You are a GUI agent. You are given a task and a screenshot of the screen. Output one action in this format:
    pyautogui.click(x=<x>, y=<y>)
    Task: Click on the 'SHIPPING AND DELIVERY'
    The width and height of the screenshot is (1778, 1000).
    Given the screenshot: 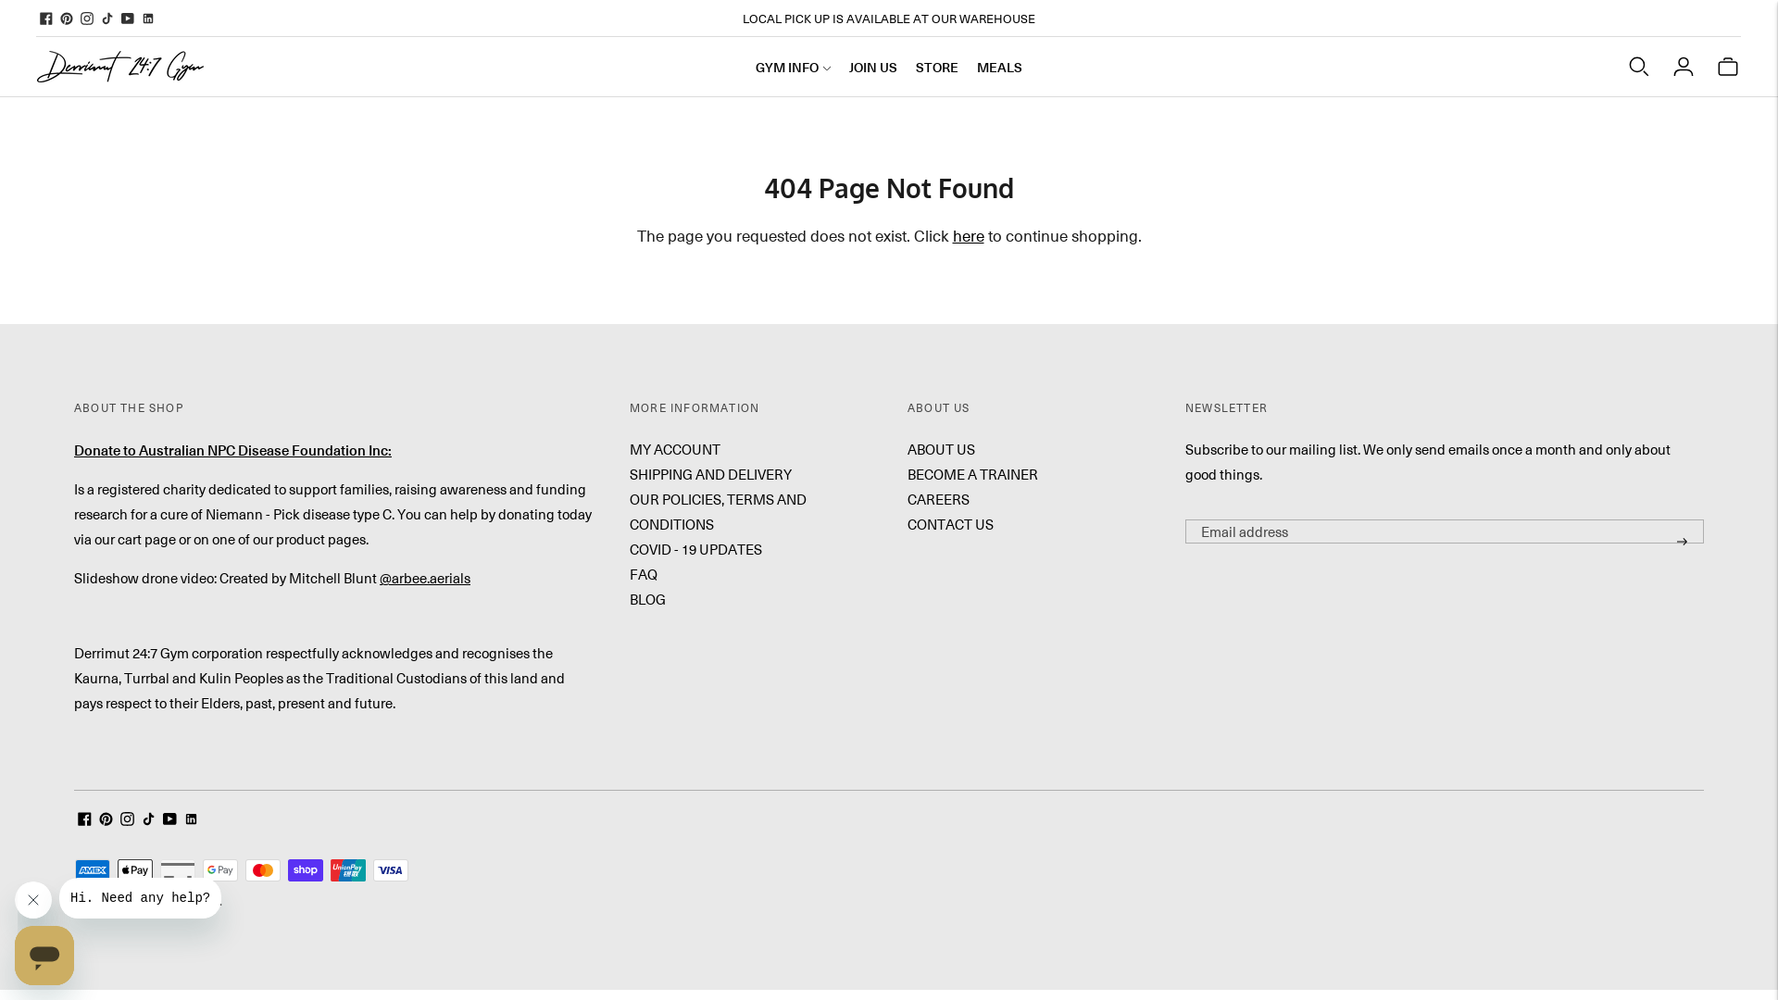 What is the action you would take?
    pyautogui.click(x=709, y=473)
    